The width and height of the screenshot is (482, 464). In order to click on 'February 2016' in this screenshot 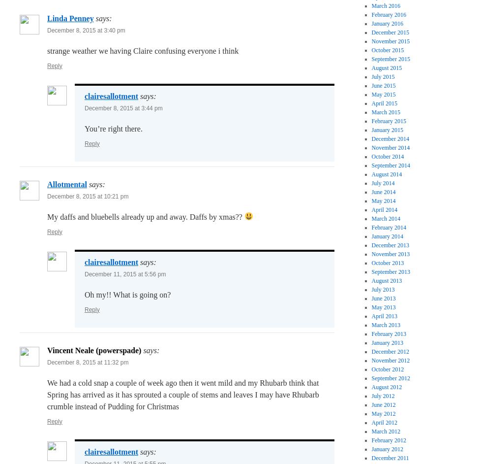, I will do `click(371, 14)`.